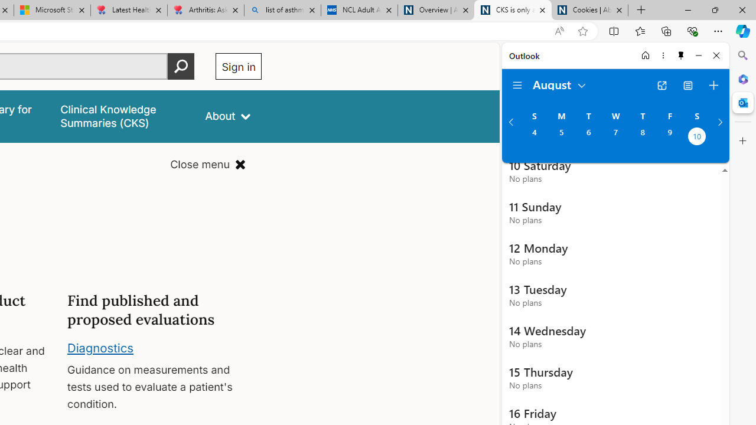  I want to click on 'Cookies | About | NICE', so click(590, 10).